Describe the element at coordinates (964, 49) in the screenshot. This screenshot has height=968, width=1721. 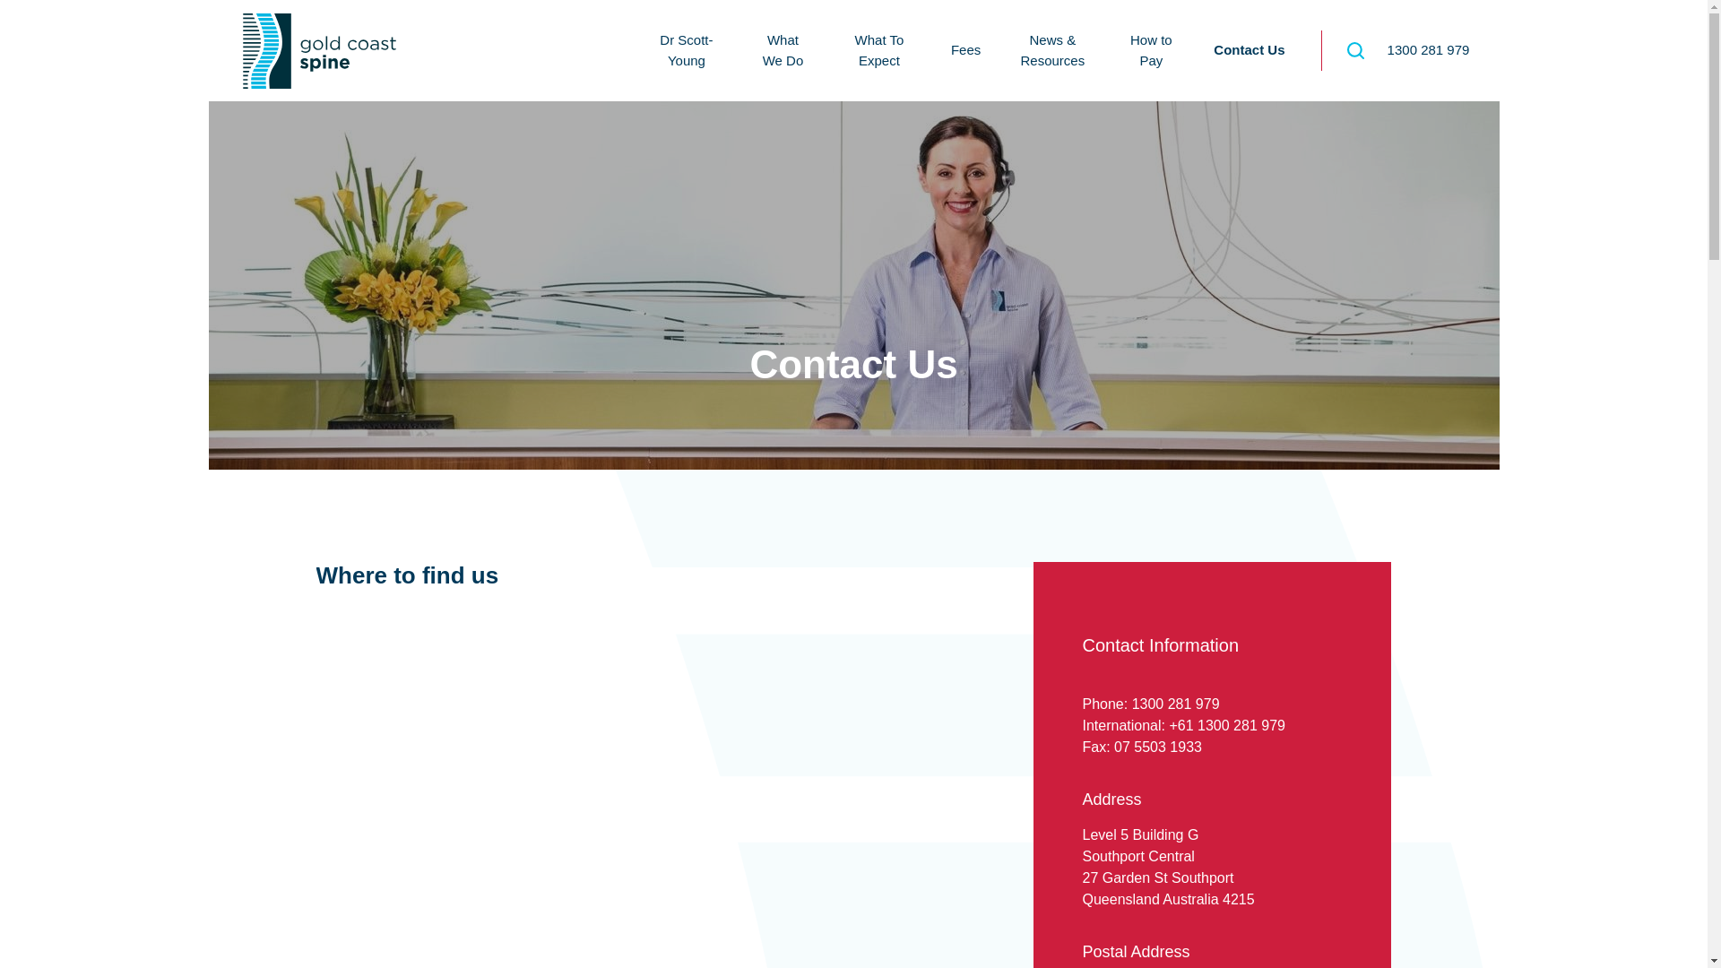
I see `'Fees'` at that location.